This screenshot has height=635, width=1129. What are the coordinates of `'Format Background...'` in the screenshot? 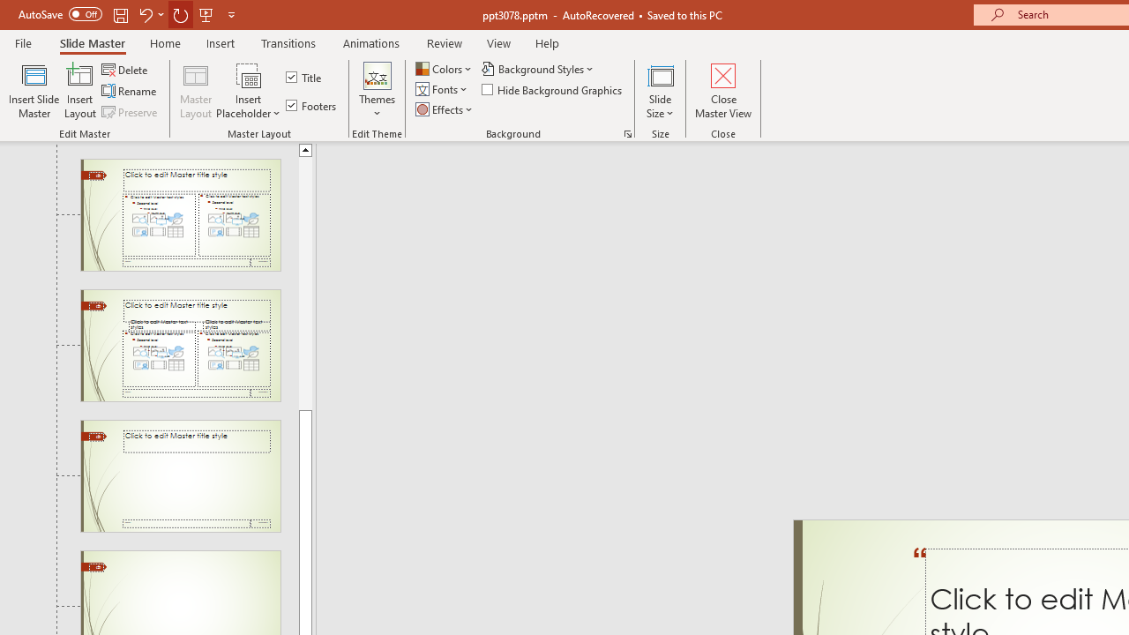 It's located at (627, 132).